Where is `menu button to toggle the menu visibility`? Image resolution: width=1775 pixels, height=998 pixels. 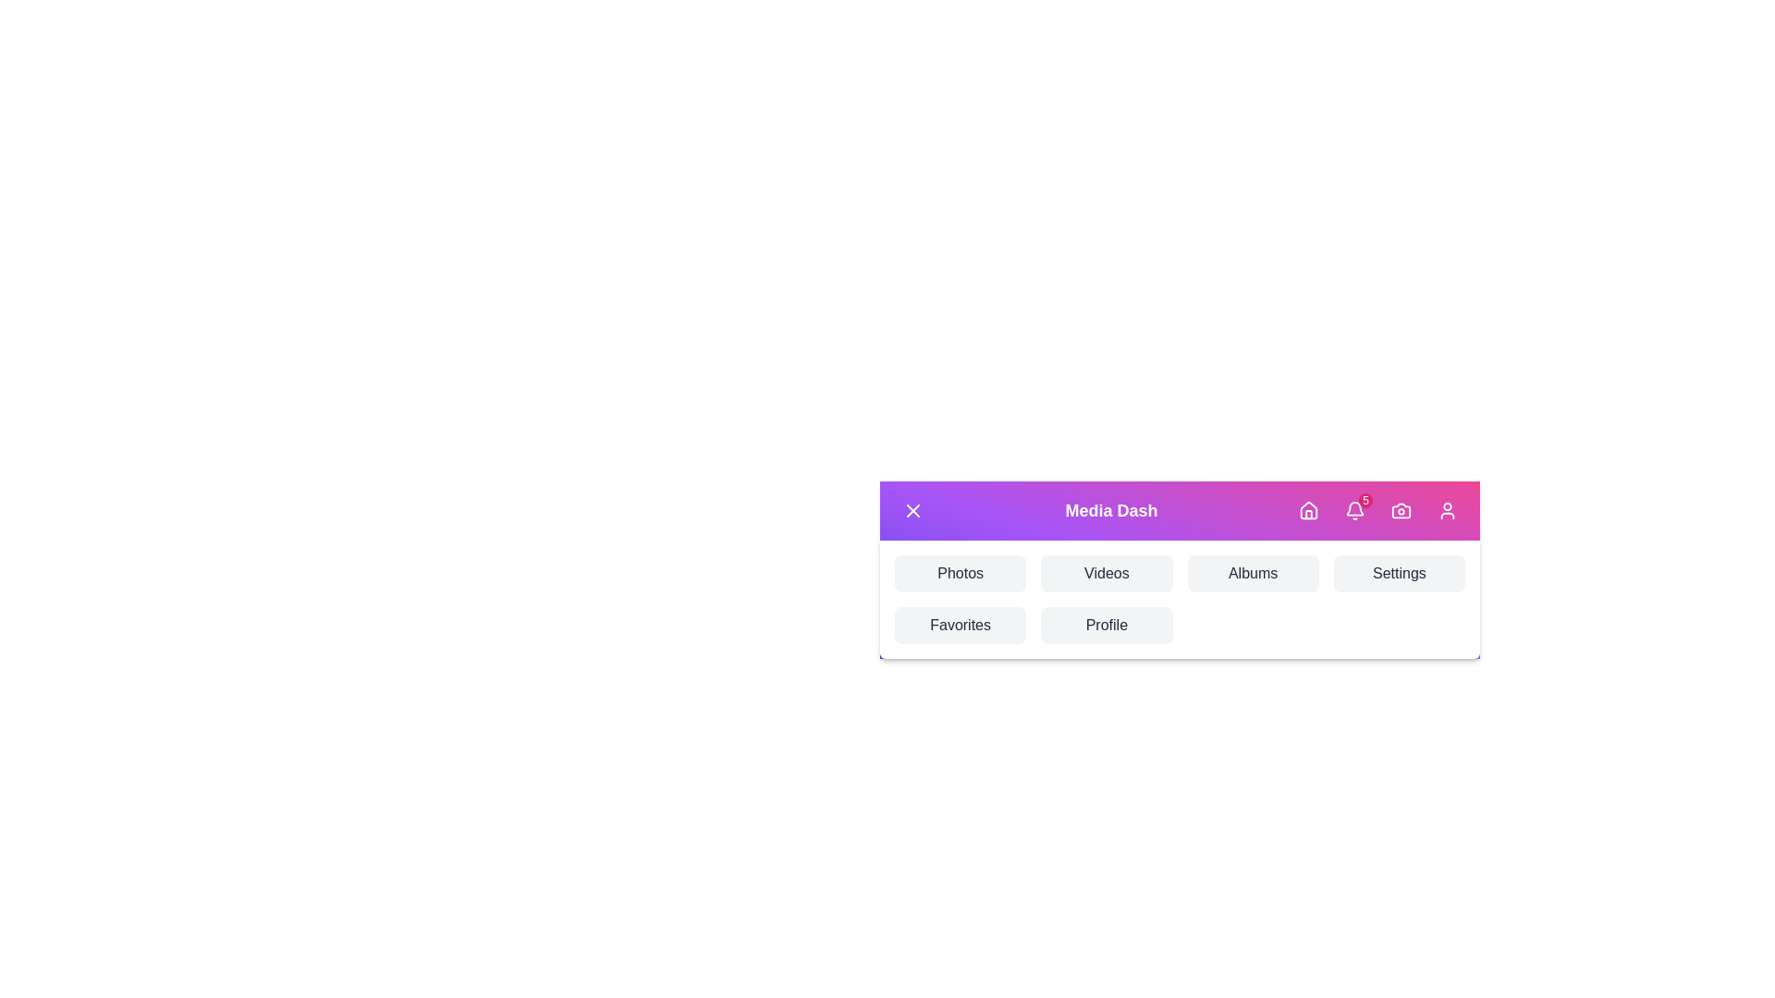 menu button to toggle the menu visibility is located at coordinates (913, 510).